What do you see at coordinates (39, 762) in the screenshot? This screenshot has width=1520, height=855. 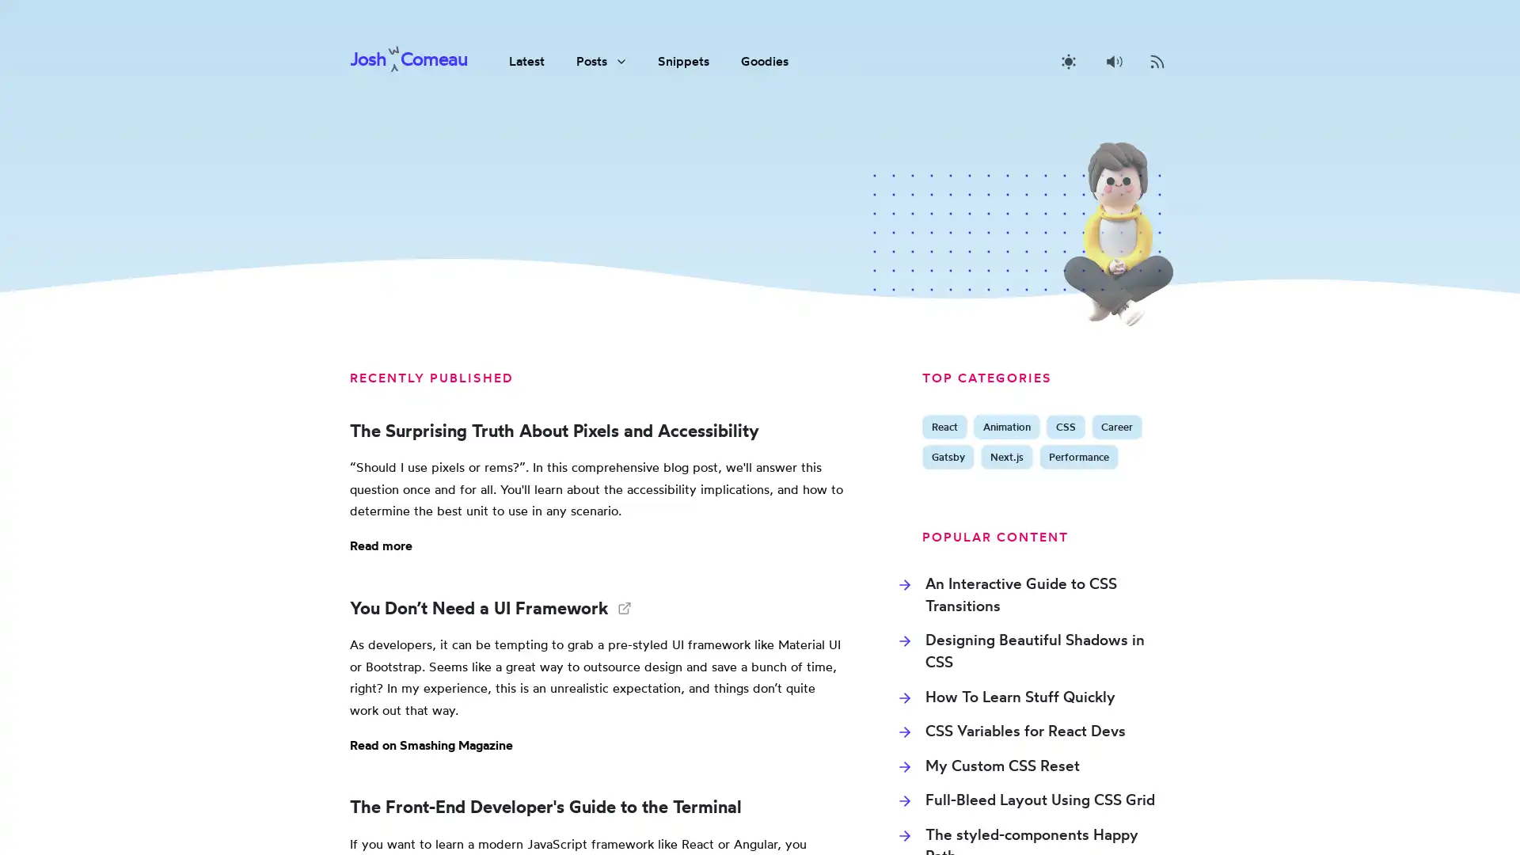 I see `Activate dark mode` at bounding box center [39, 762].